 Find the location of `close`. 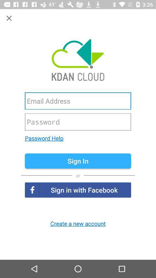

close is located at coordinates (9, 18).